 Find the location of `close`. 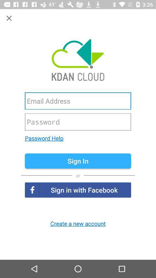

close is located at coordinates (9, 18).